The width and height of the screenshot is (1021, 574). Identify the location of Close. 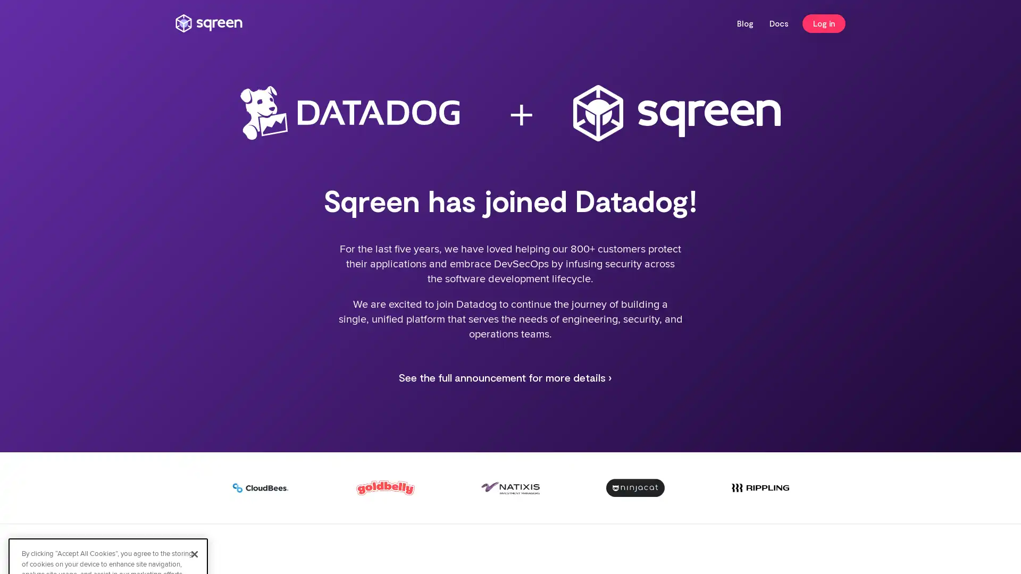
(194, 452).